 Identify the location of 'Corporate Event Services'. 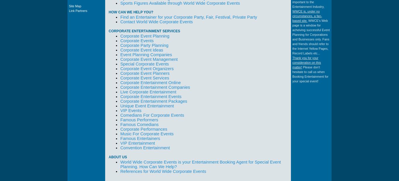
(145, 78).